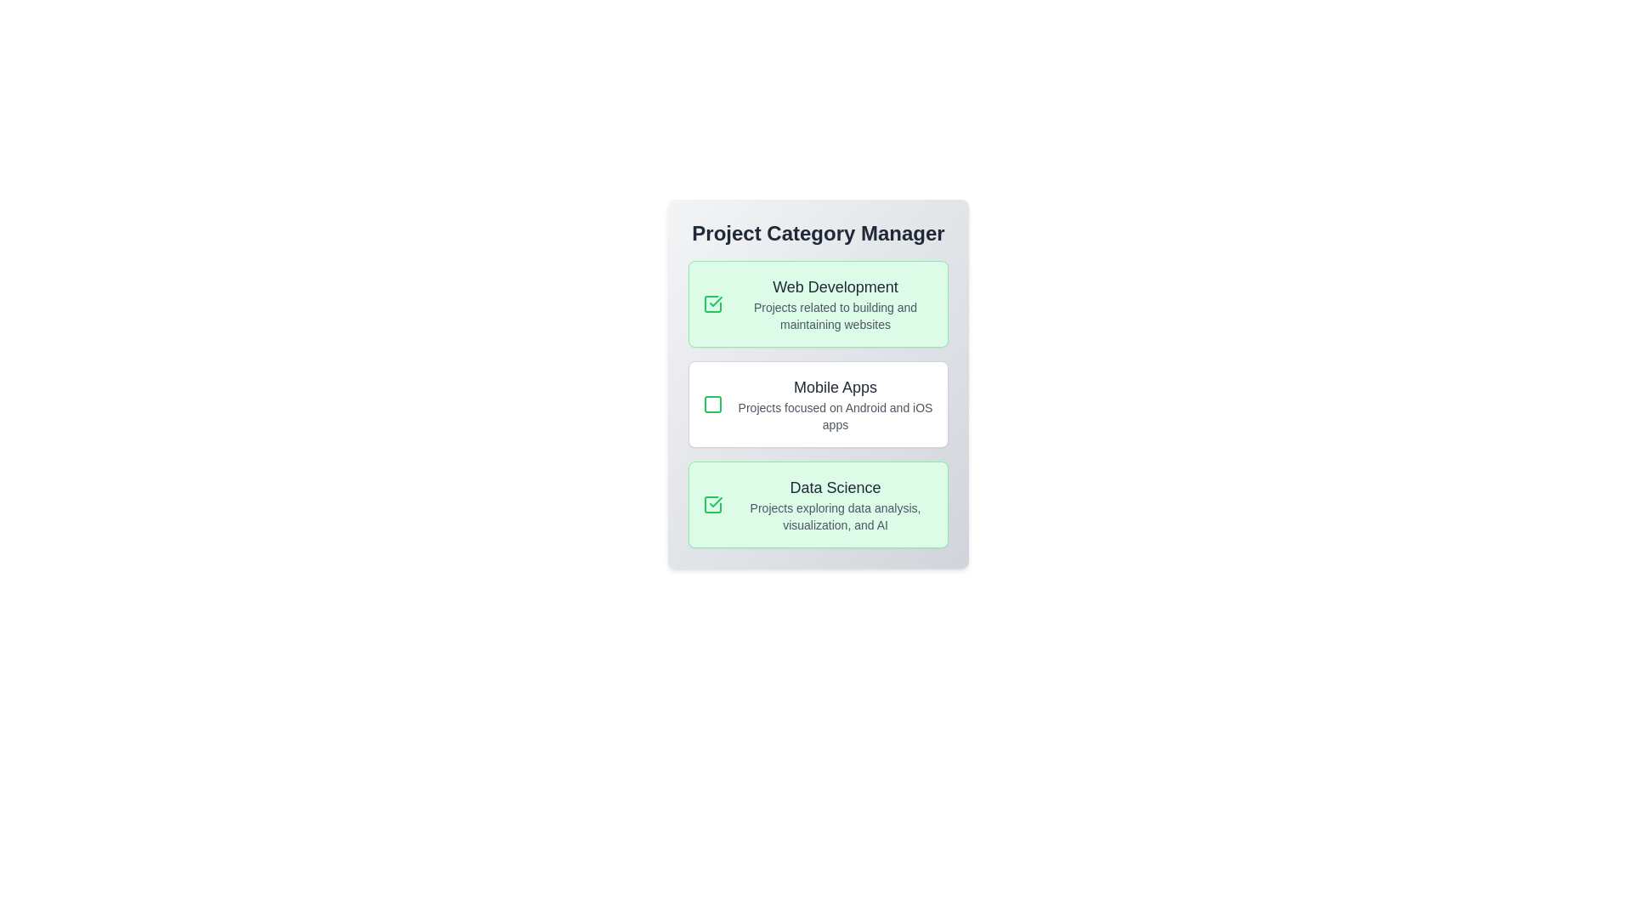  I want to click on the 'Data Science' text label, which is styled with medium-weight black text and is located at the top of a green rectangular section in the 'Project Category Manager' interface, so click(836, 488).